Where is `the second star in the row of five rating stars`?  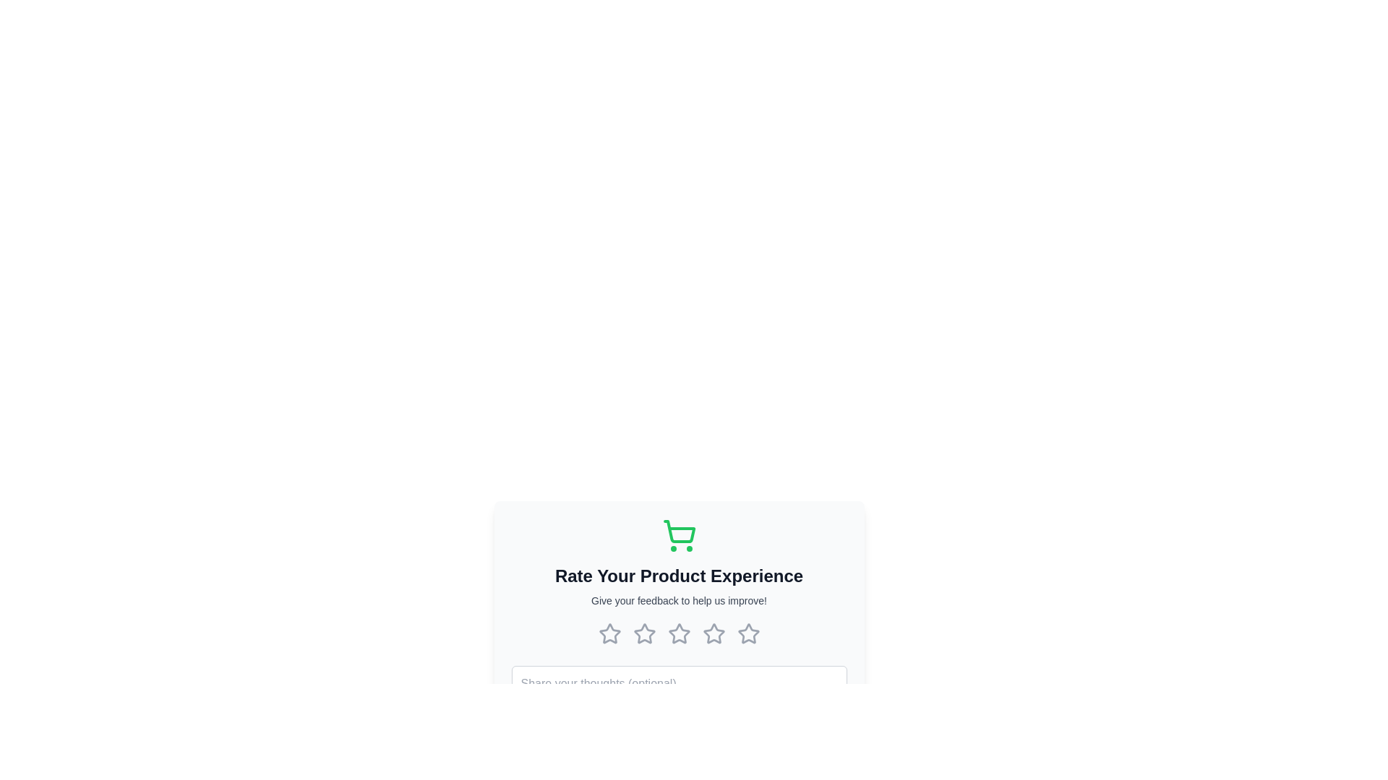
the second star in the row of five rating stars is located at coordinates (678, 633).